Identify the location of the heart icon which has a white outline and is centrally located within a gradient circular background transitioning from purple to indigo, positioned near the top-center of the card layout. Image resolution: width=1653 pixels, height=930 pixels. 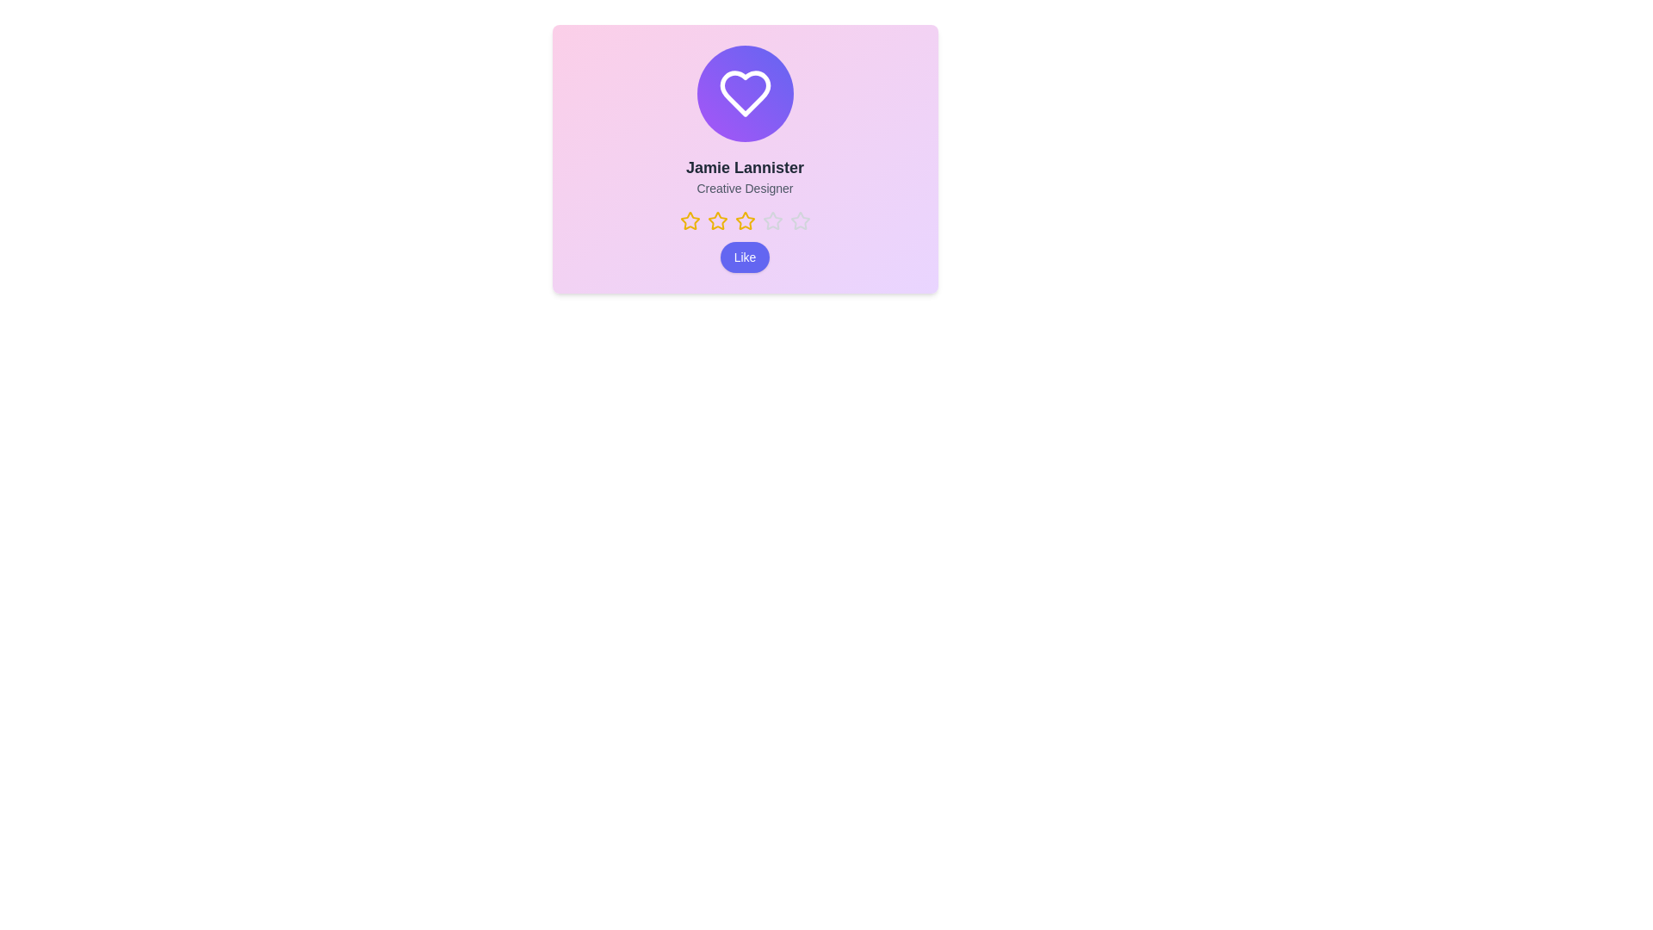
(745, 93).